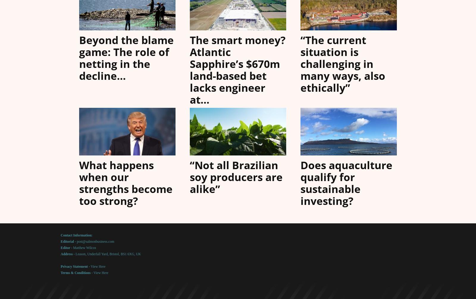 This screenshot has width=476, height=299. What do you see at coordinates (84, 247) in the screenshot?
I see `'Matthew Wilcox'` at bounding box center [84, 247].